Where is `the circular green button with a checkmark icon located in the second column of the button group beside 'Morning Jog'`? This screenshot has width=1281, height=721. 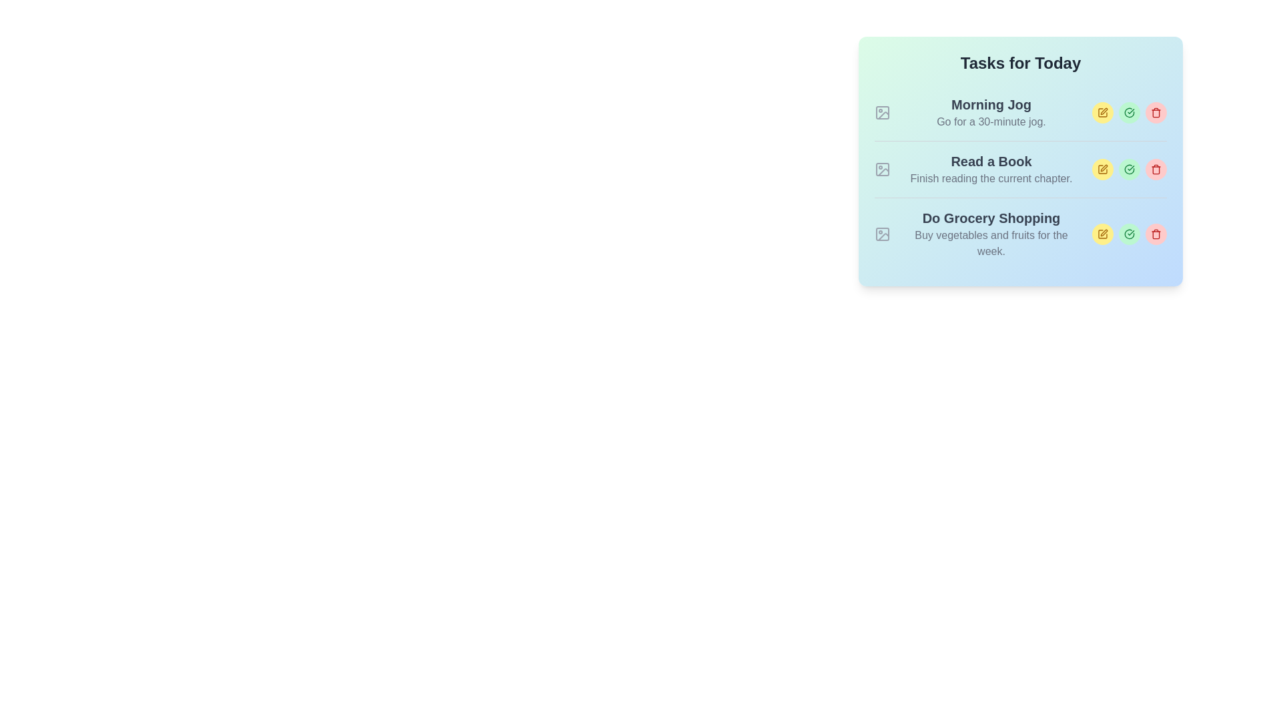 the circular green button with a checkmark icon located in the second column of the button group beside 'Morning Jog' is located at coordinates (1129, 112).